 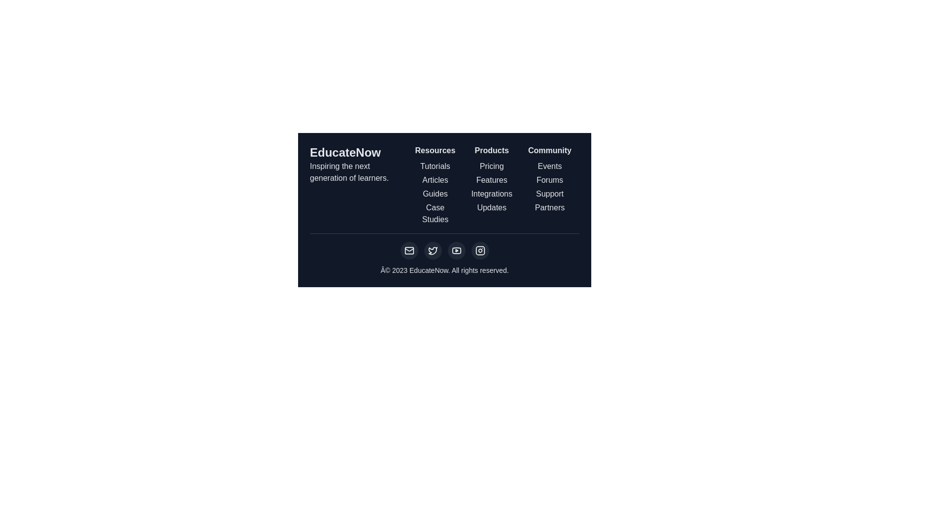 I want to click on the 'Articles' text link, the second item in the vertical list within the 'Resources' column in the footer, so click(x=435, y=180).